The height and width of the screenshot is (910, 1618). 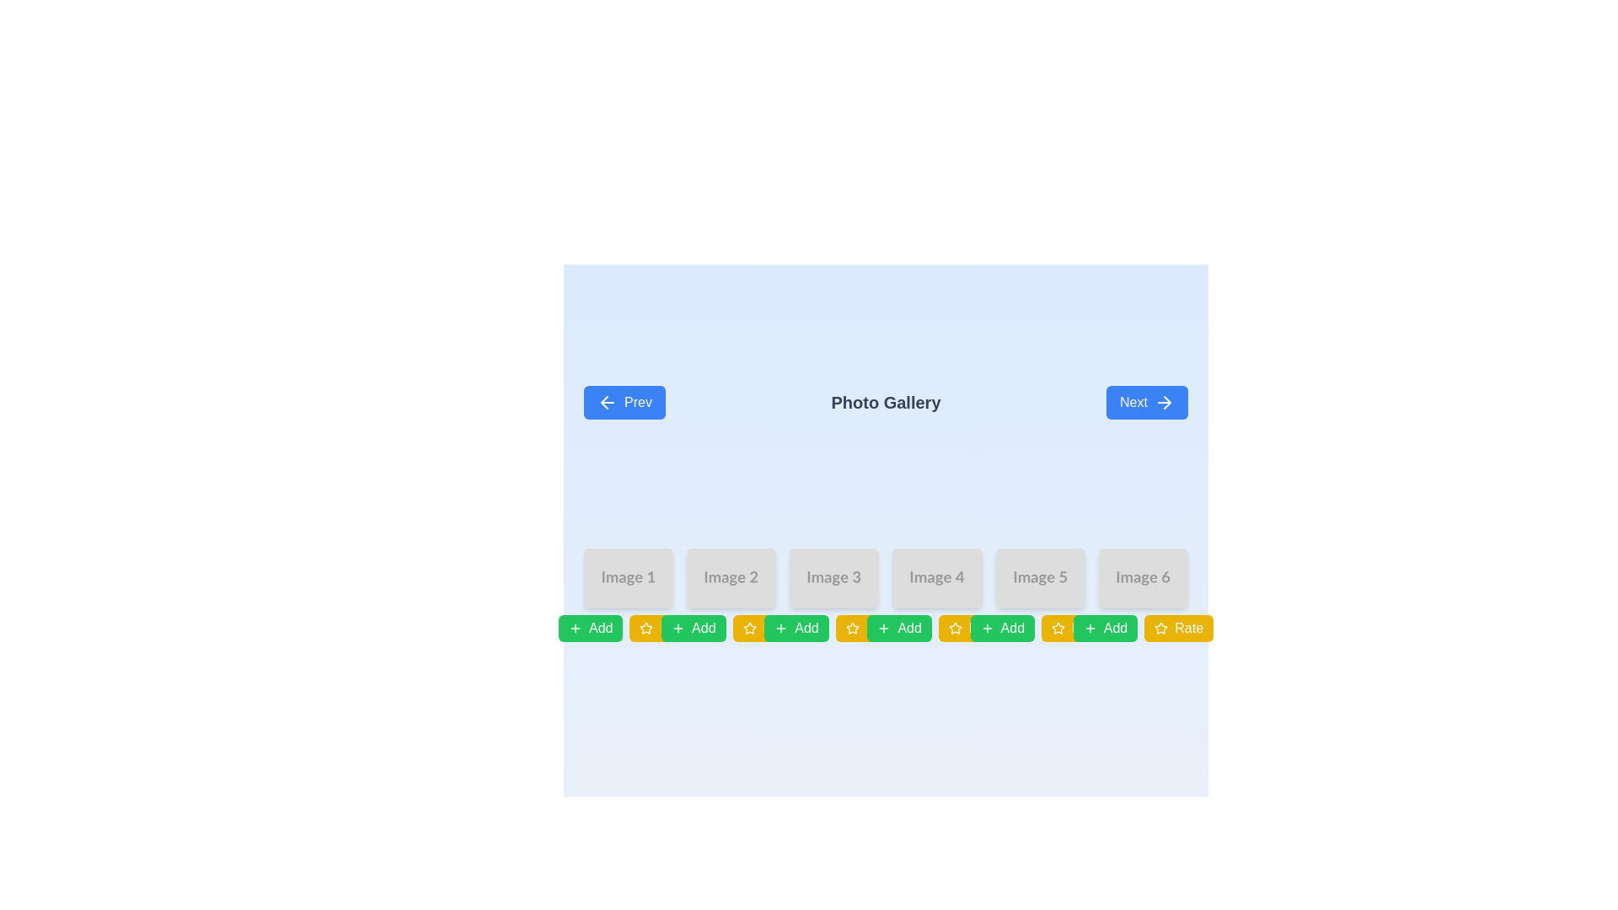 What do you see at coordinates (796, 628) in the screenshot?
I see `the third 'Add' button located below 'Image 3'` at bounding box center [796, 628].